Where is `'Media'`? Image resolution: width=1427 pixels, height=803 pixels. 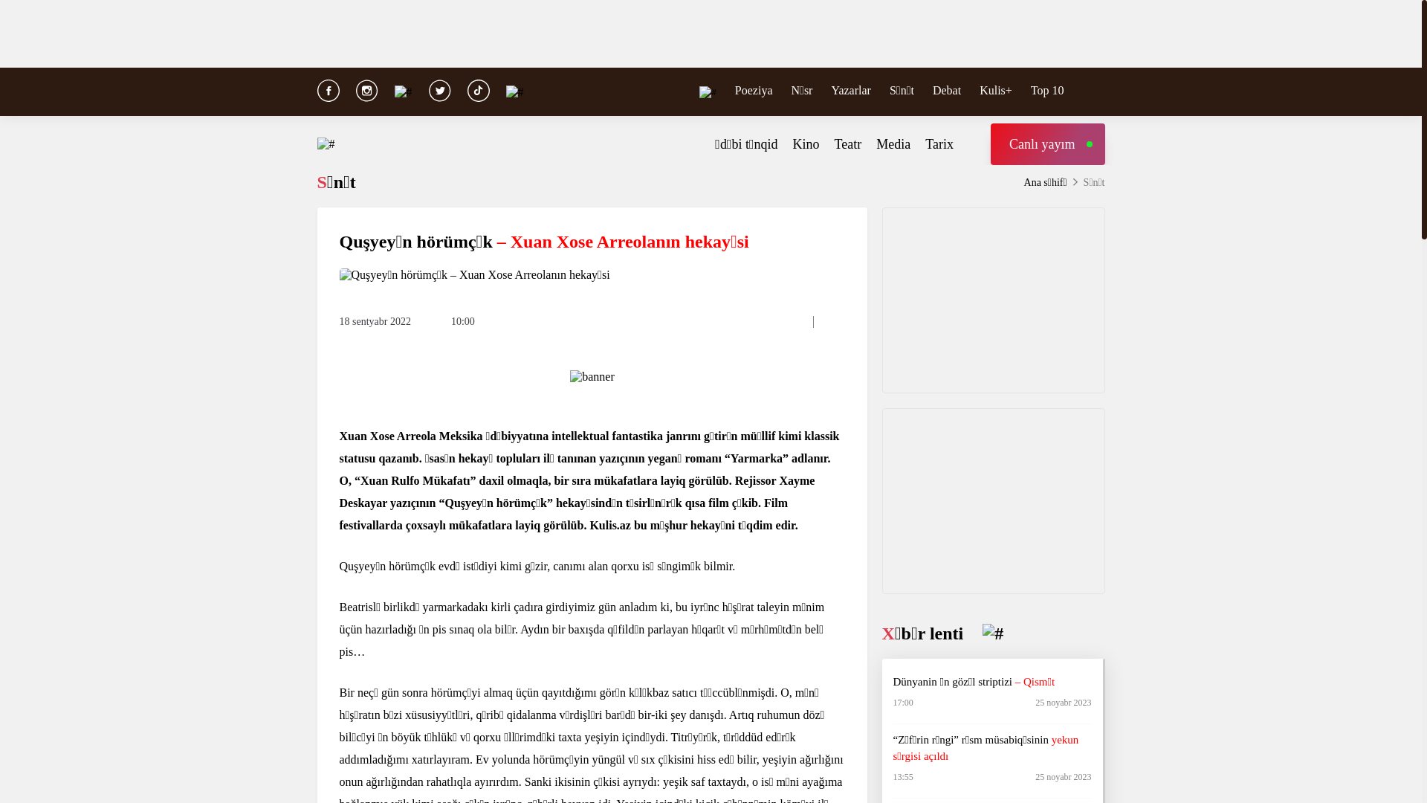
'Media' is located at coordinates (892, 144).